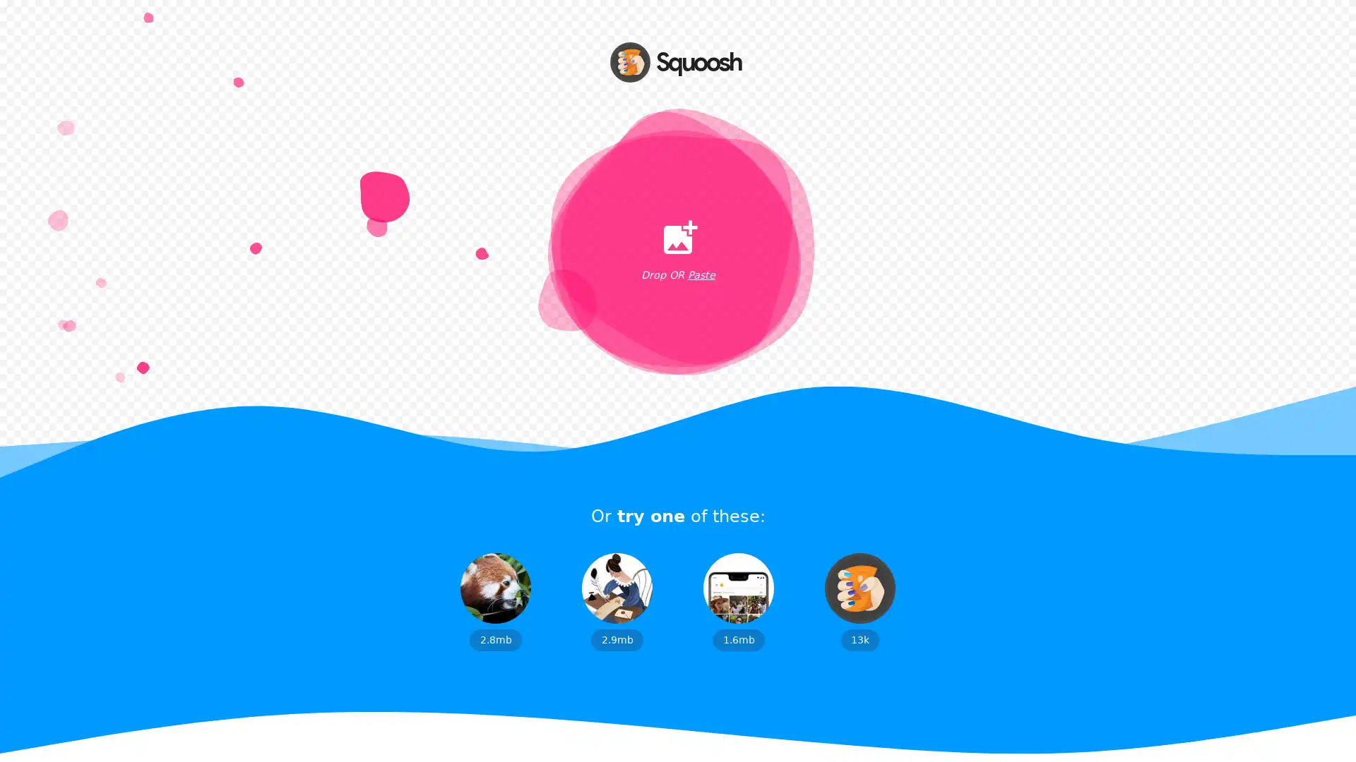 The image size is (1356, 762). I want to click on Device screen 1.6mb, so click(738, 601).